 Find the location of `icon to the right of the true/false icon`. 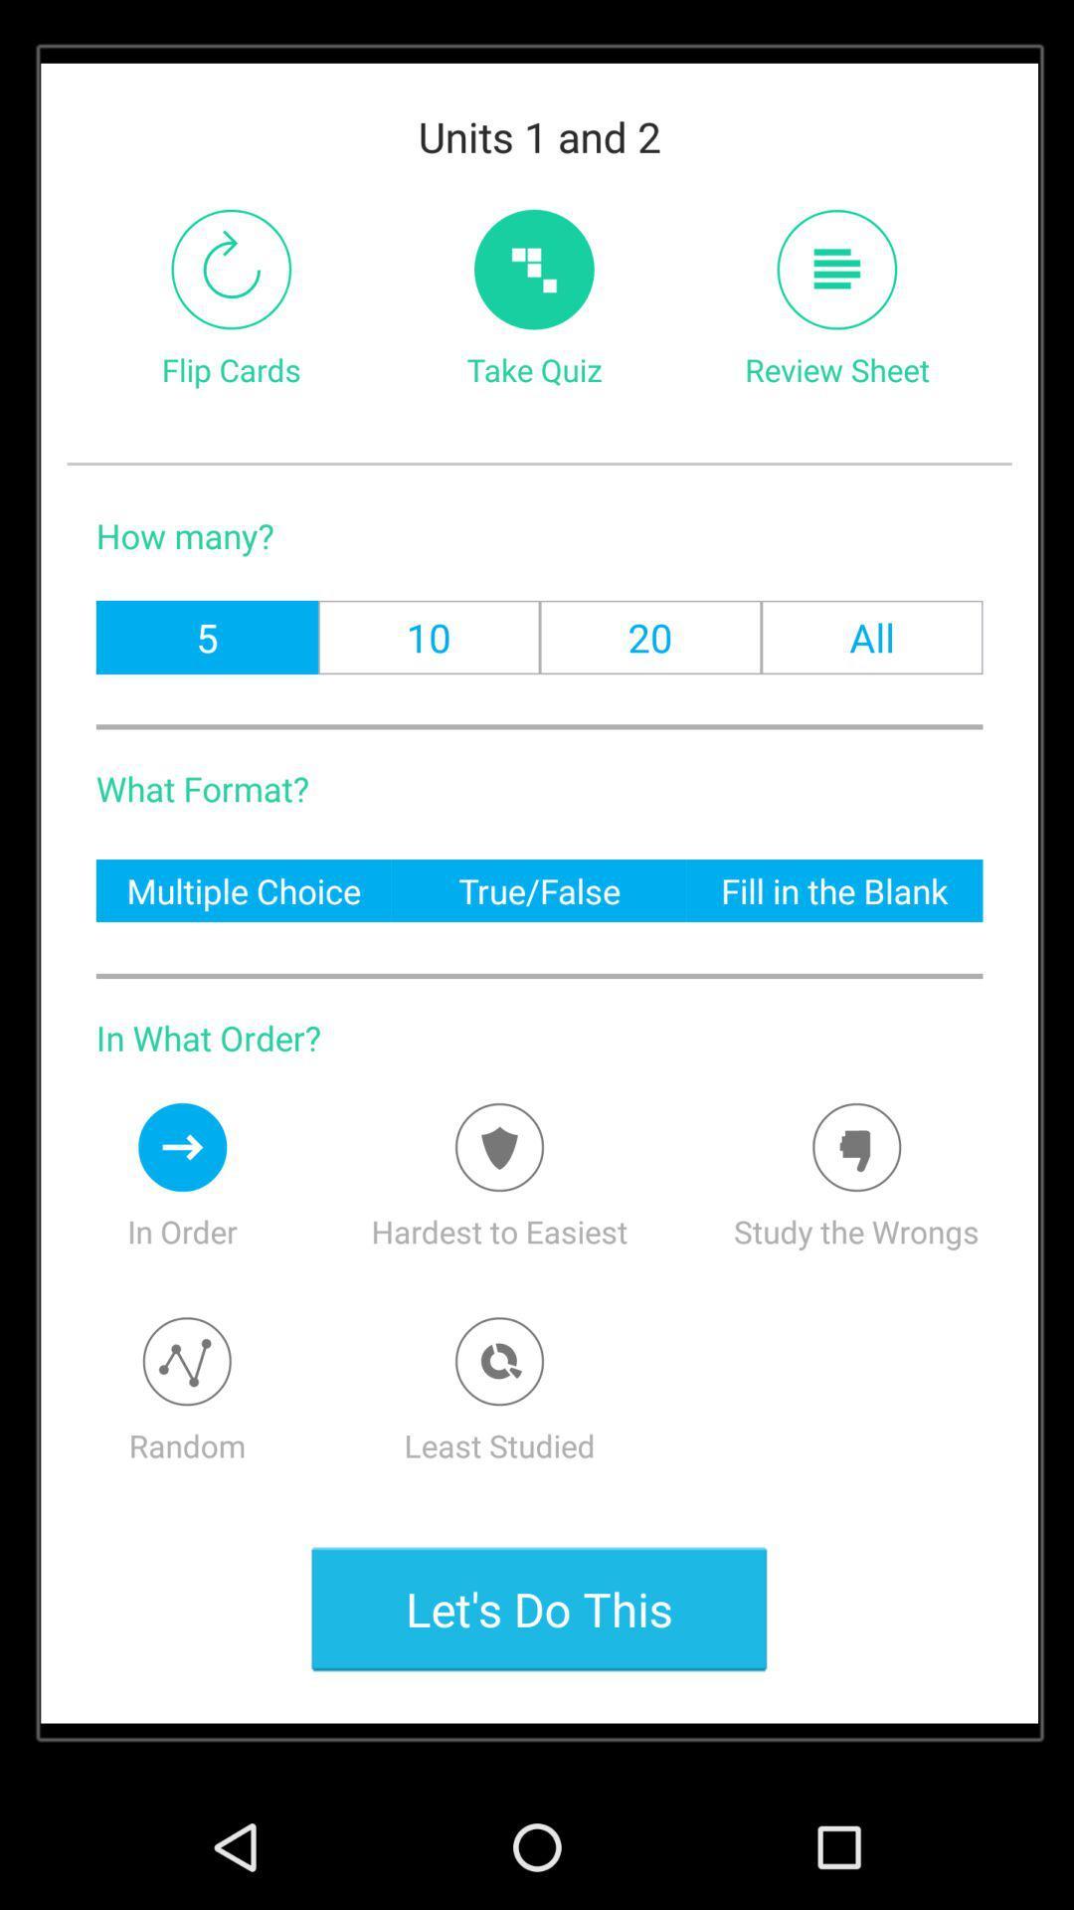

icon to the right of the true/false icon is located at coordinates (834, 889).